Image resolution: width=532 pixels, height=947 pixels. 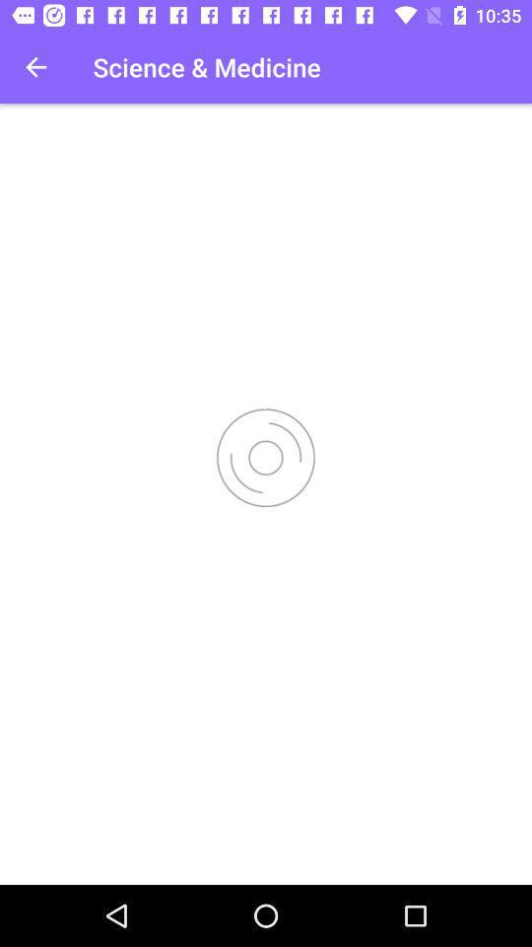 I want to click on the icon next to science & medicine, so click(x=35, y=67).